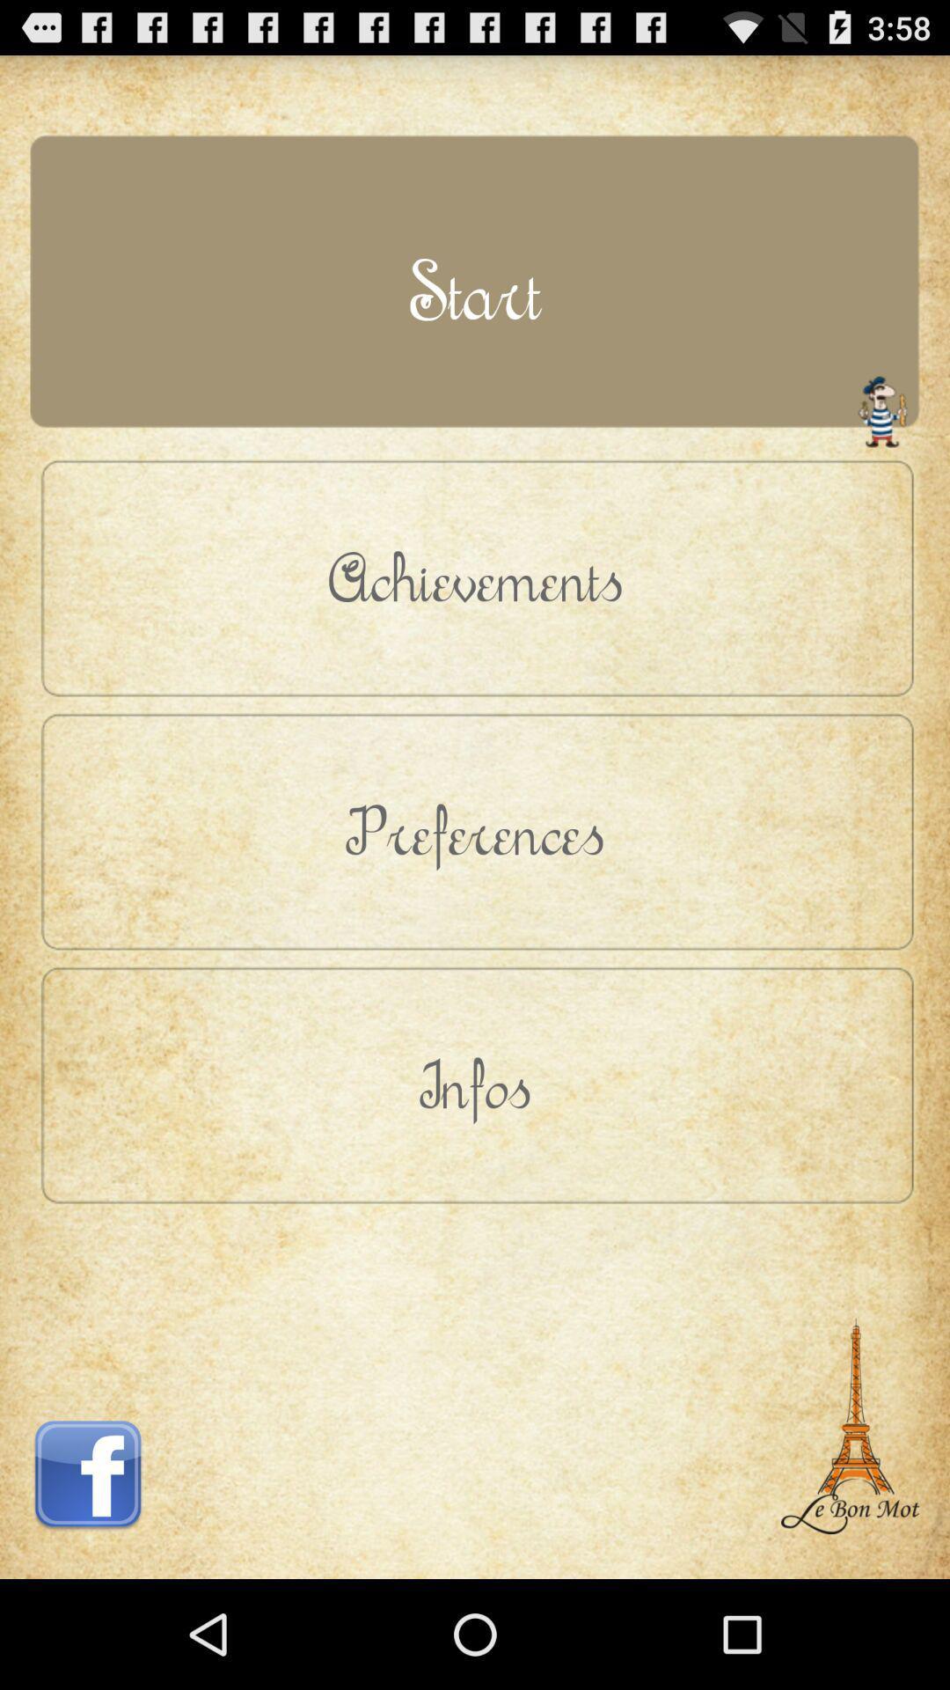  Describe the element at coordinates (88, 1387) in the screenshot. I see `button below infos button` at that location.